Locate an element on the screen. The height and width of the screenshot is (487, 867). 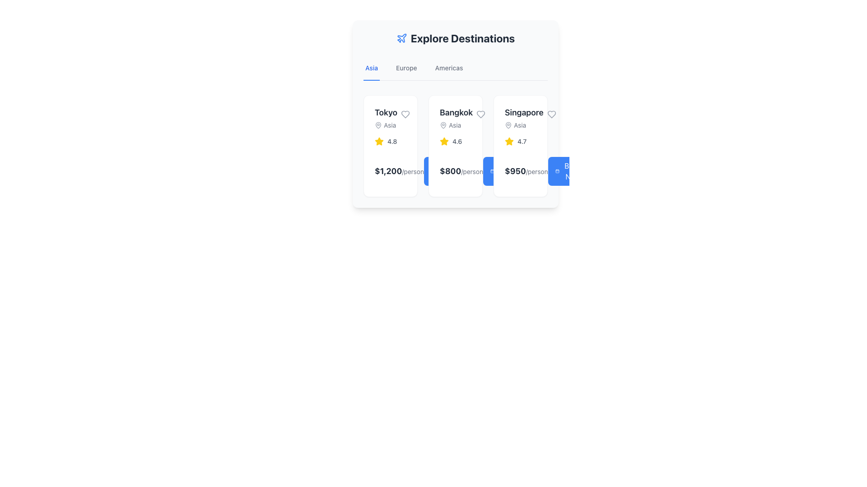
the booking button located at the bottom-right of the 'Singapore' card to initiate the booking process is located at coordinates (568, 171).